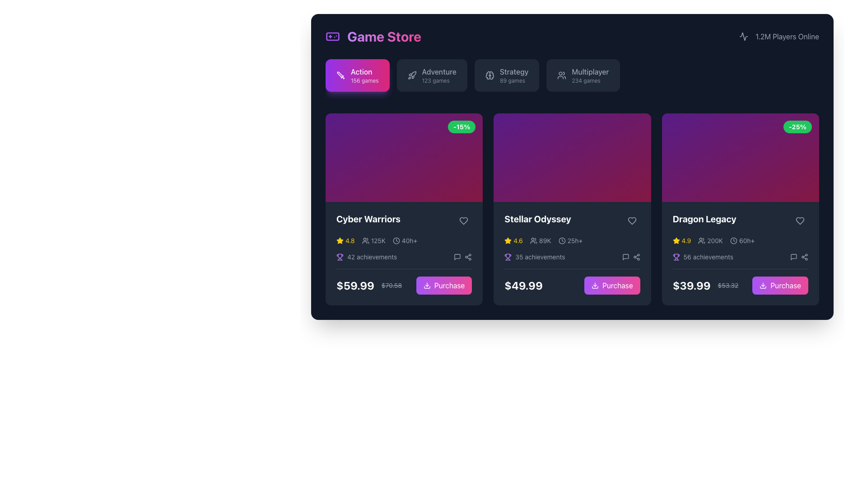 The height and width of the screenshot is (488, 867). I want to click on displayed statistical information text showing the number of games available in the 'Adventure' category, located below the 'Adventure' label in the upper-right quadrant of the interface, so click(436, 80).